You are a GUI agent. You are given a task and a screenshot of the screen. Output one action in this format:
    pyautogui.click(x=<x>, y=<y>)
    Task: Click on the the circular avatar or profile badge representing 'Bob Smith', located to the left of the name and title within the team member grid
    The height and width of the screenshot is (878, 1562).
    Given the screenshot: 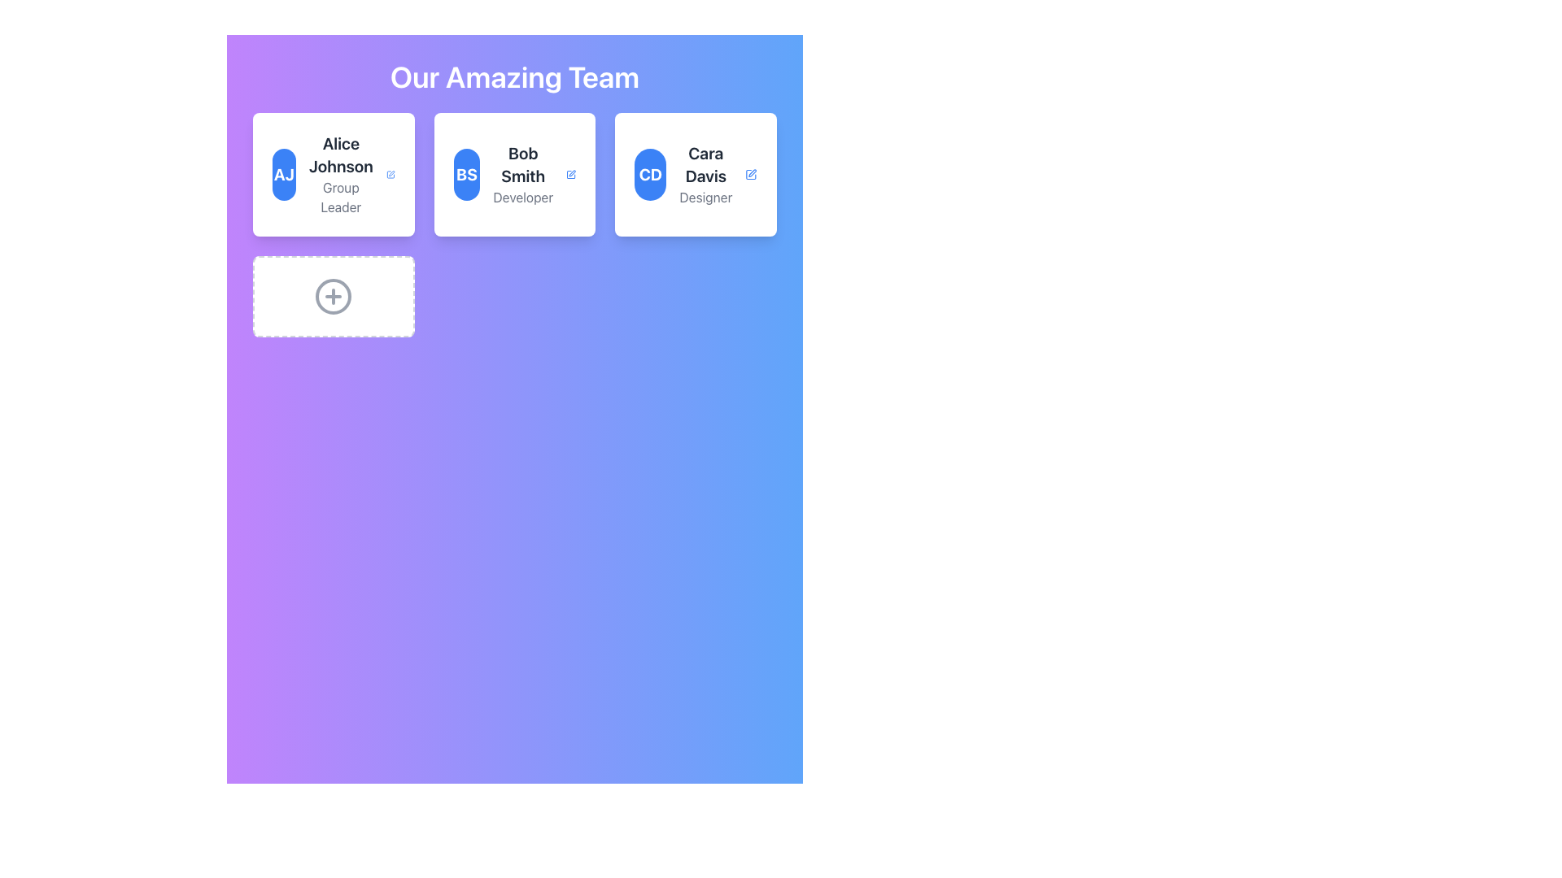 What is the action you would take?
    pyautogui.click(x=465, y=175)
    